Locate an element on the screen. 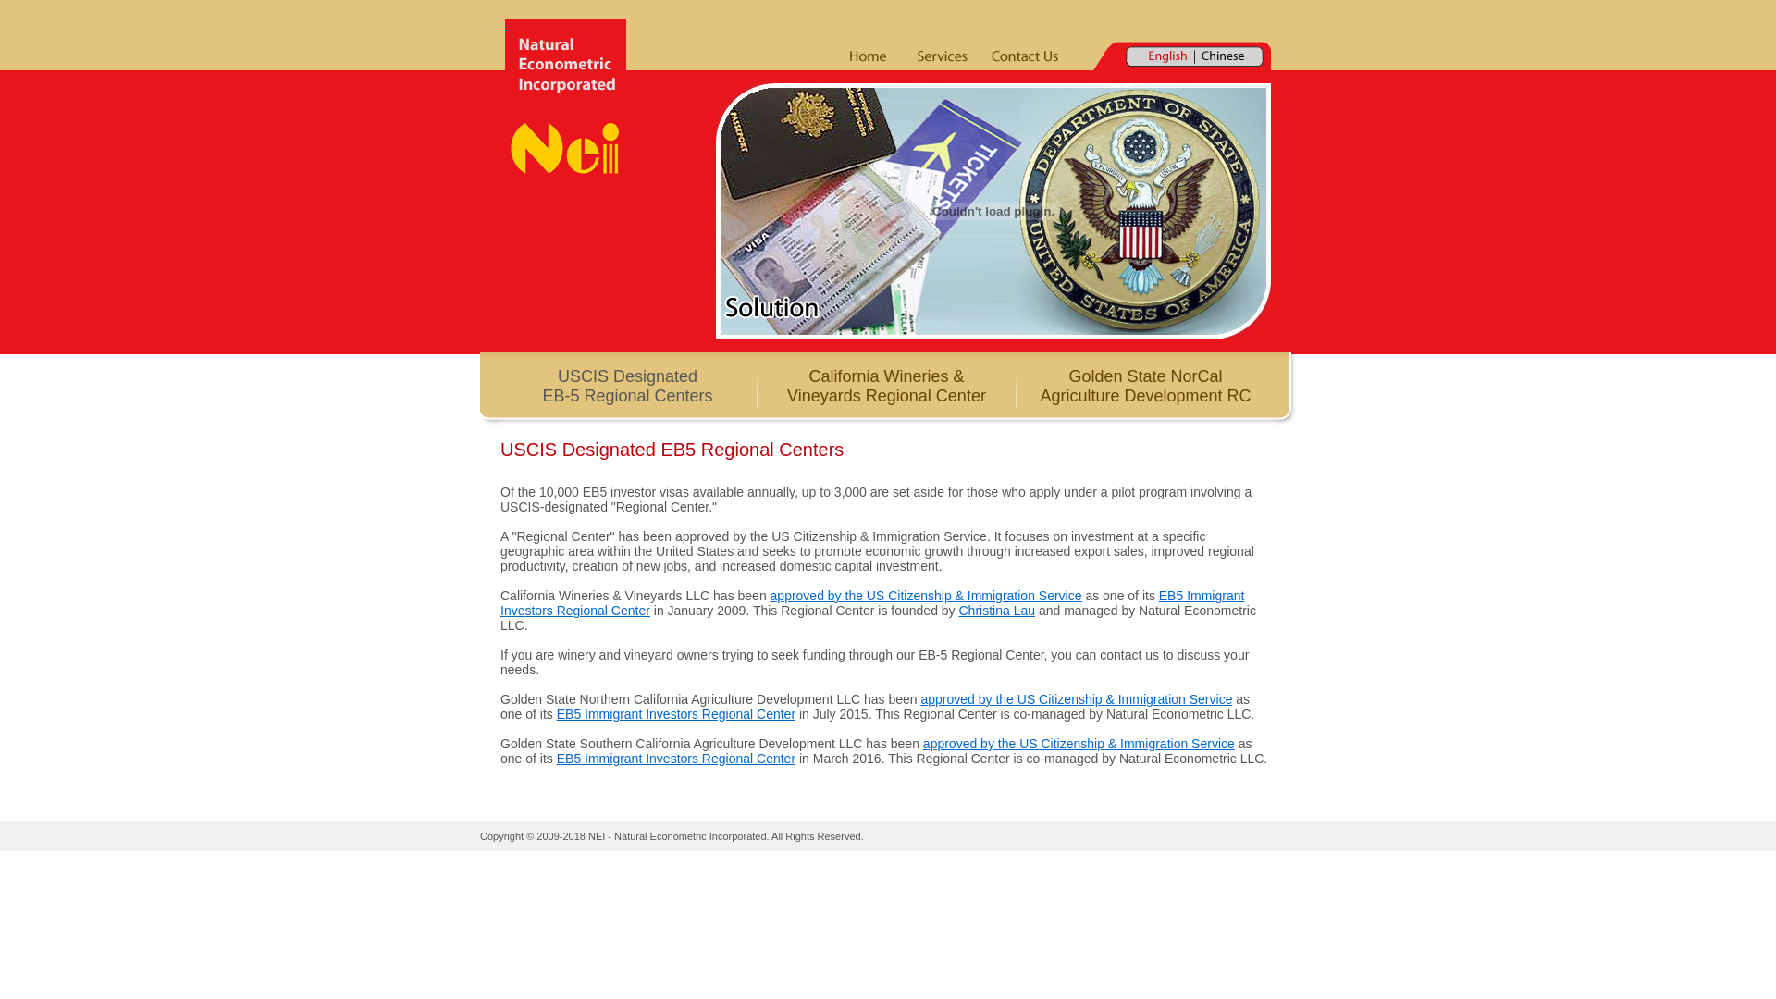 The height and width of the screenshot is (999, 1776). 'logo' is located at coordinates (564, 96).